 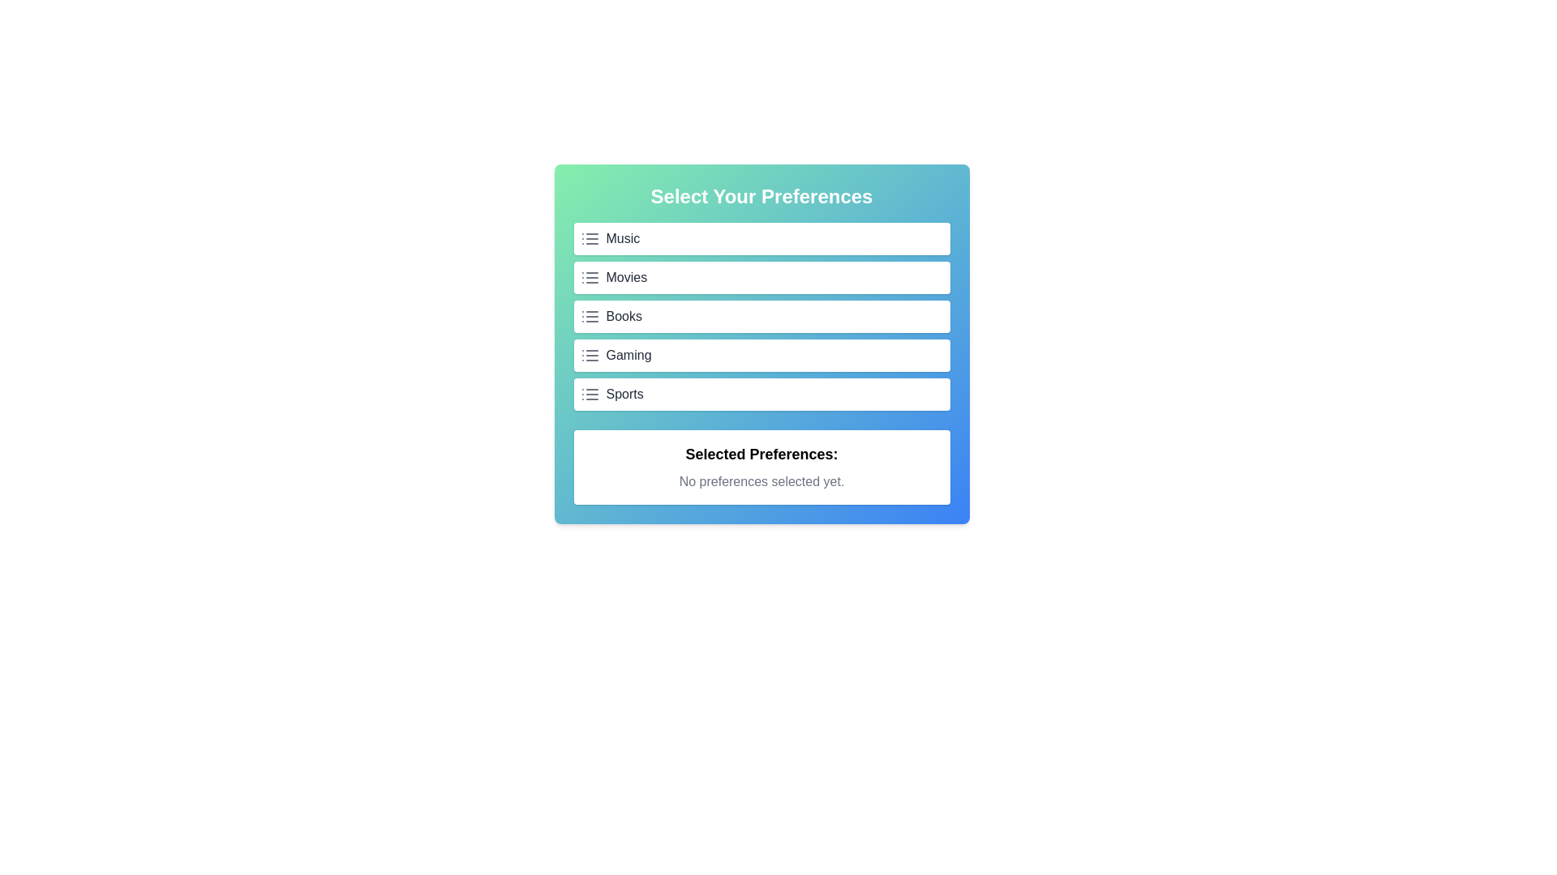 I want to click on the 'Gaming' button located in the vertical list of preference options, so click(x=761, y=355).